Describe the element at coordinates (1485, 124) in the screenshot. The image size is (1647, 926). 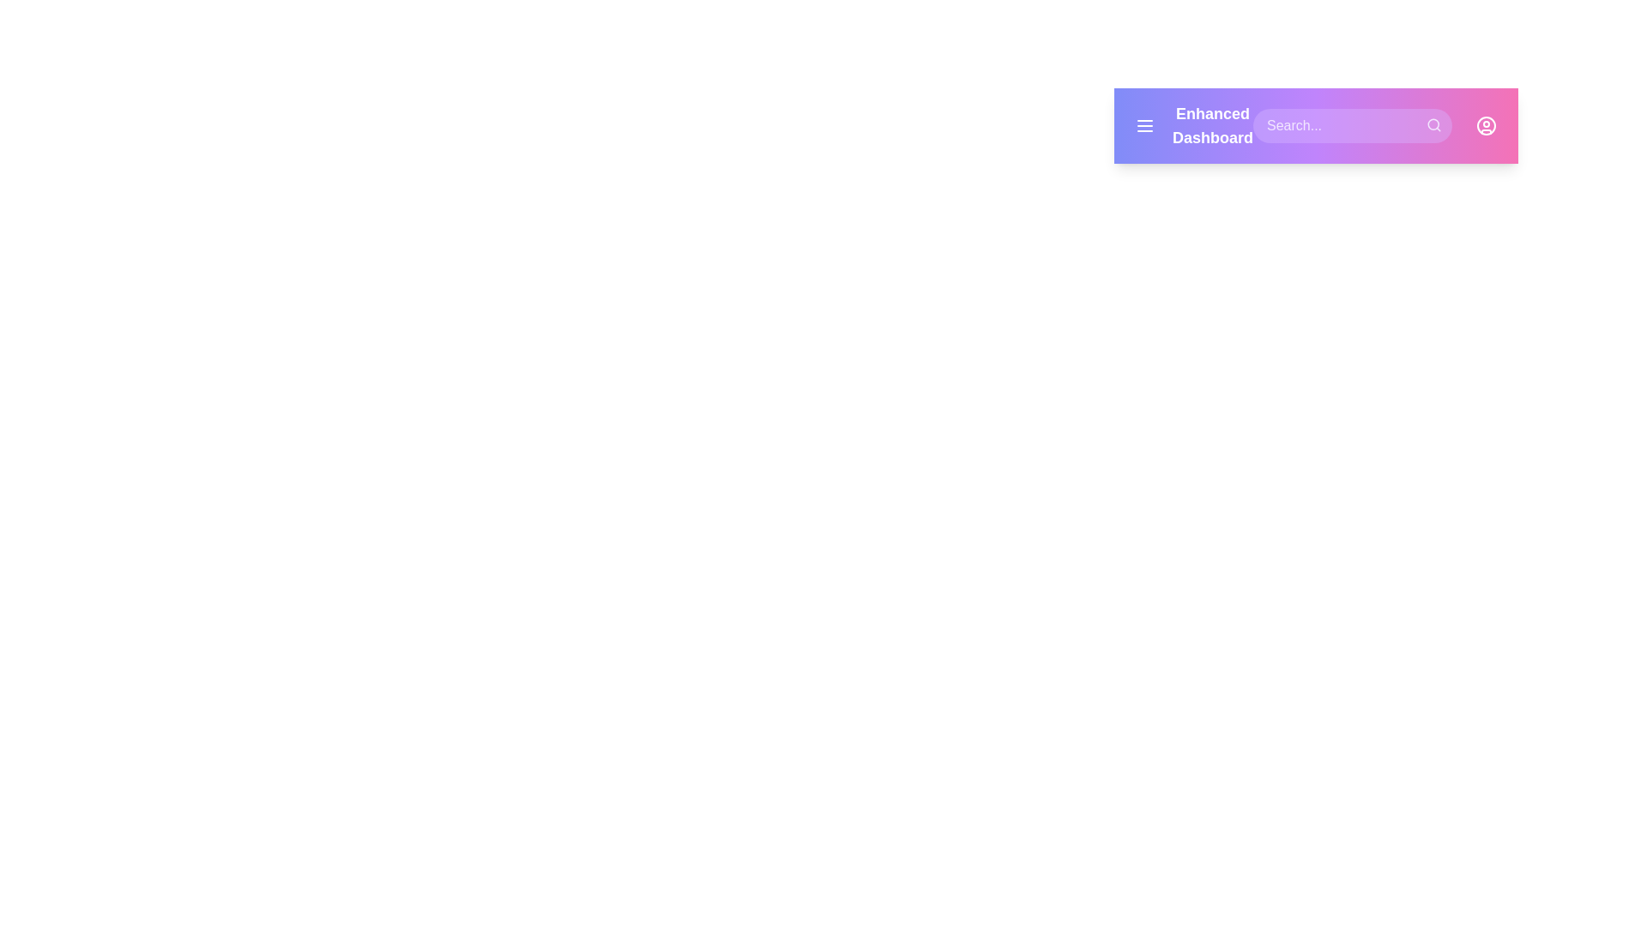
I see `the user profile button to access the user profile` at that location.